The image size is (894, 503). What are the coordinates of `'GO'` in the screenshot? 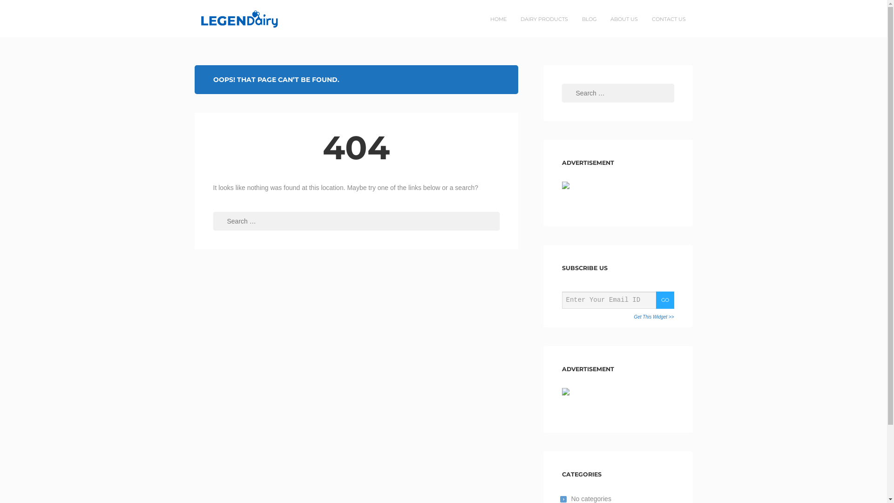 It's located at (664, 300).